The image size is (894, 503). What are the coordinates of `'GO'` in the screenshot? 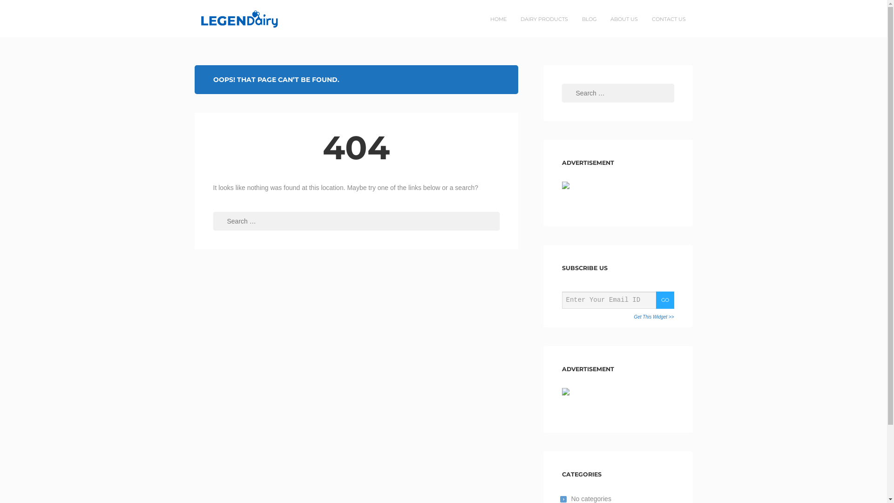 It's located at (664, 300).